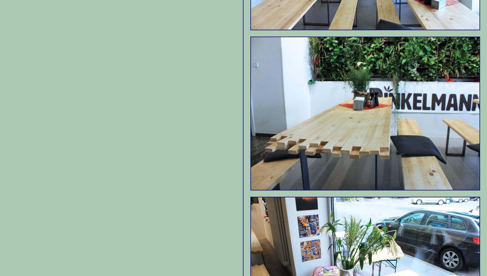 This screenshot has height=276, width=487. What do you see at coordinates (335, 161) in the screenshot?
I see `'Cafe Schmitz is the kind of place that ends up quickly becoming a favorite.'` at bounding box center [335, 161].